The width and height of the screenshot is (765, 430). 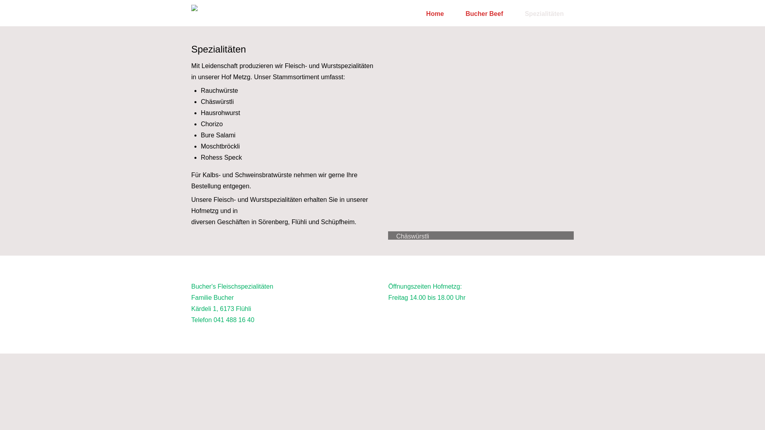 What do you see at coordinates (483, 14) in the screenshot?
I see `'Bucher Beef'` at bounding box center [483, 14].